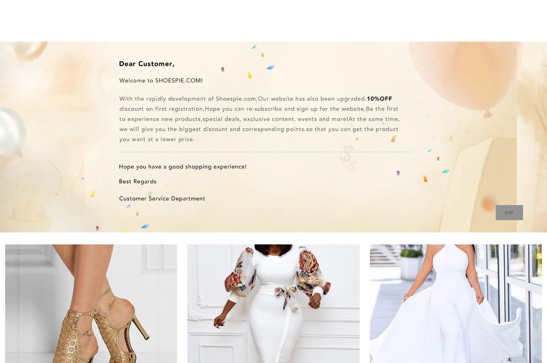  What do you see at coordinates (521, 11) in the screenshot?
I see `'0'` at bounding box center [521, 11].